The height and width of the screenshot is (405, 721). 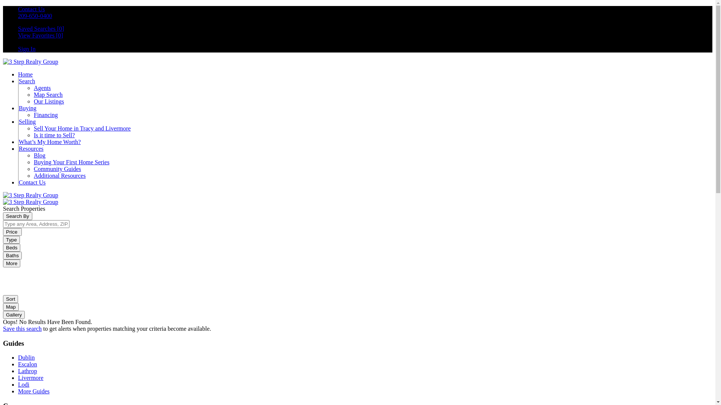 I want to click on 'Saved Searches [0]', so click(x=41, y=28).